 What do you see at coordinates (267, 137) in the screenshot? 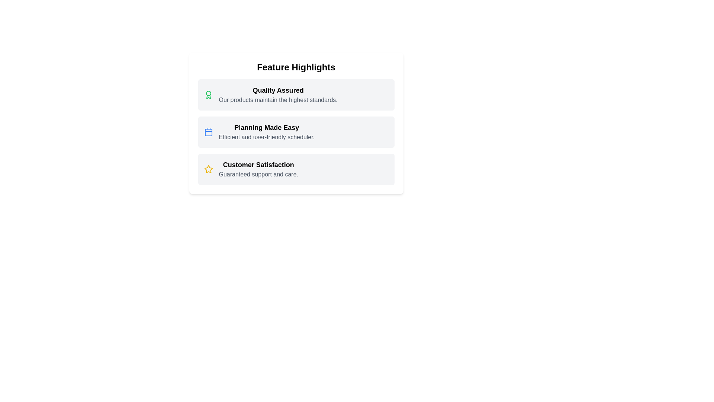
I see `descriptive text located below the heading 'Planning Made Easy' in the 'Feature Highlights' section, which provides additional context for the feature` at bounding box center [267, 137].